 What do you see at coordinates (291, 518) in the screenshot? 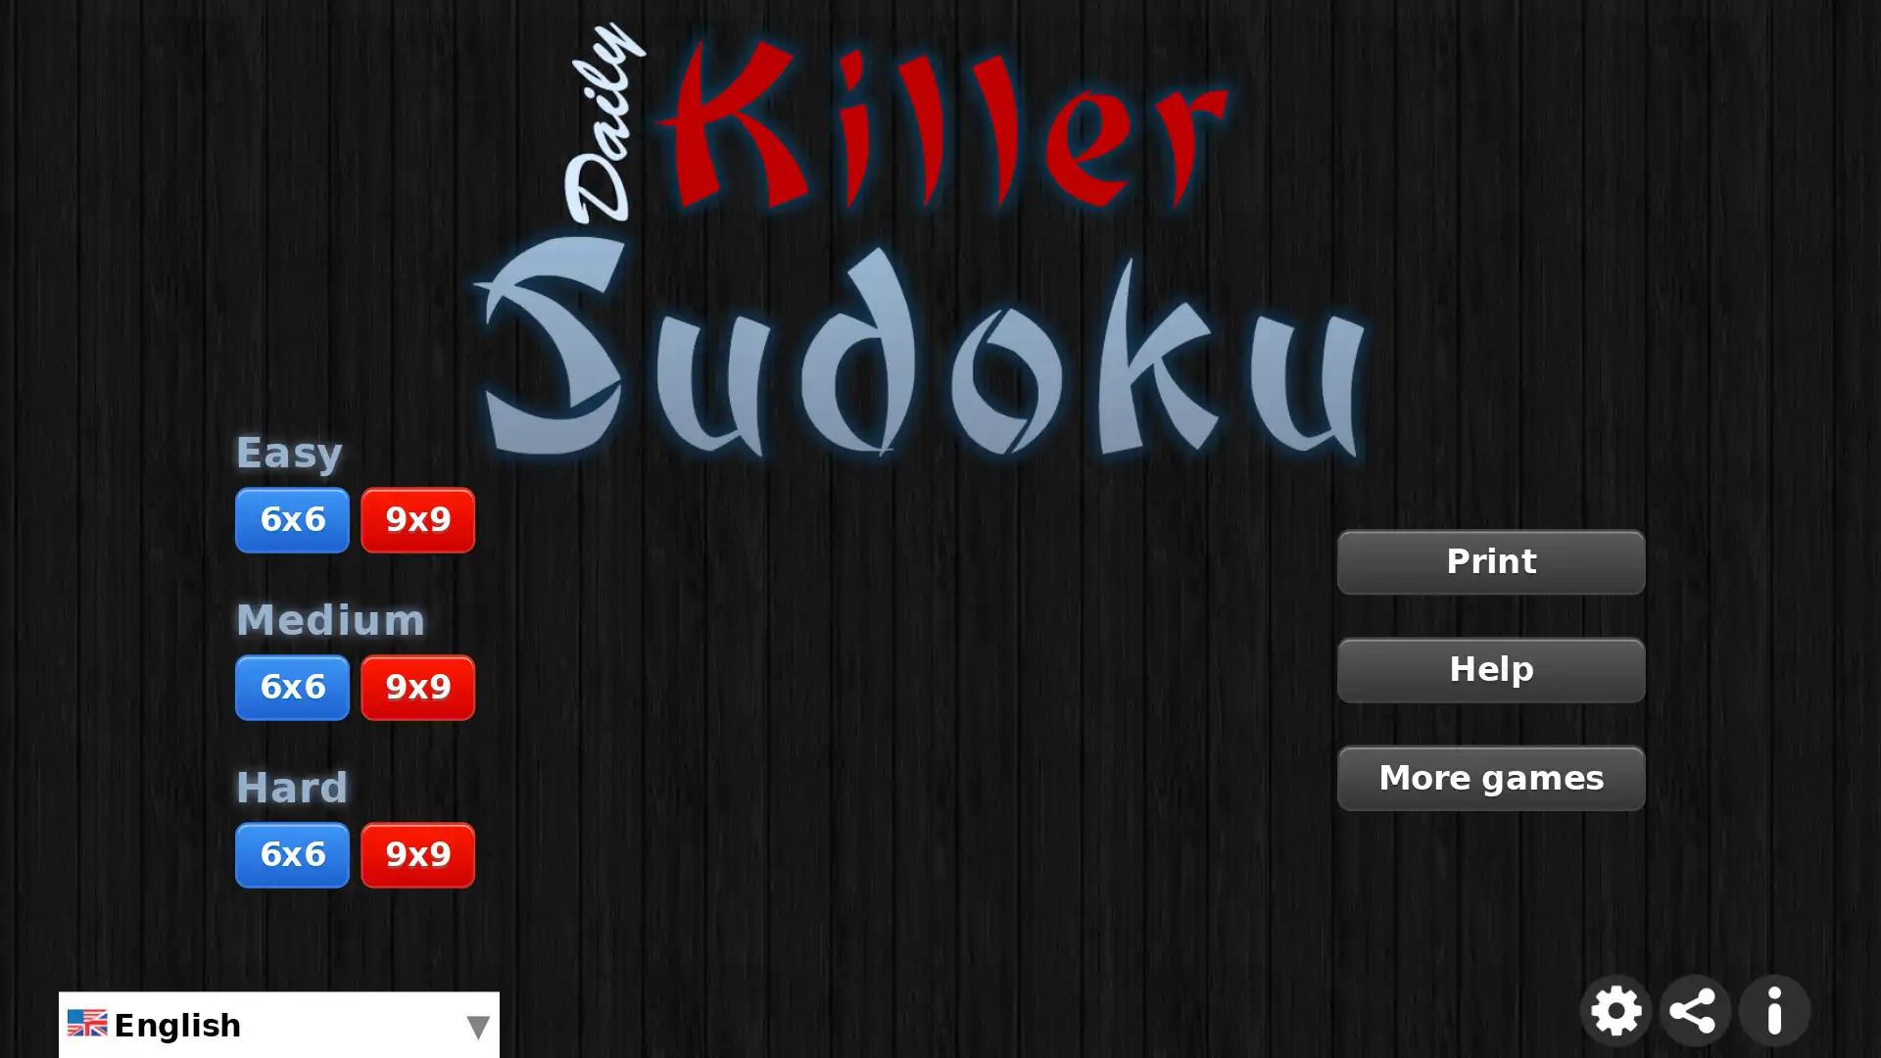
I see `6x6` at bounding box center [291, 518].